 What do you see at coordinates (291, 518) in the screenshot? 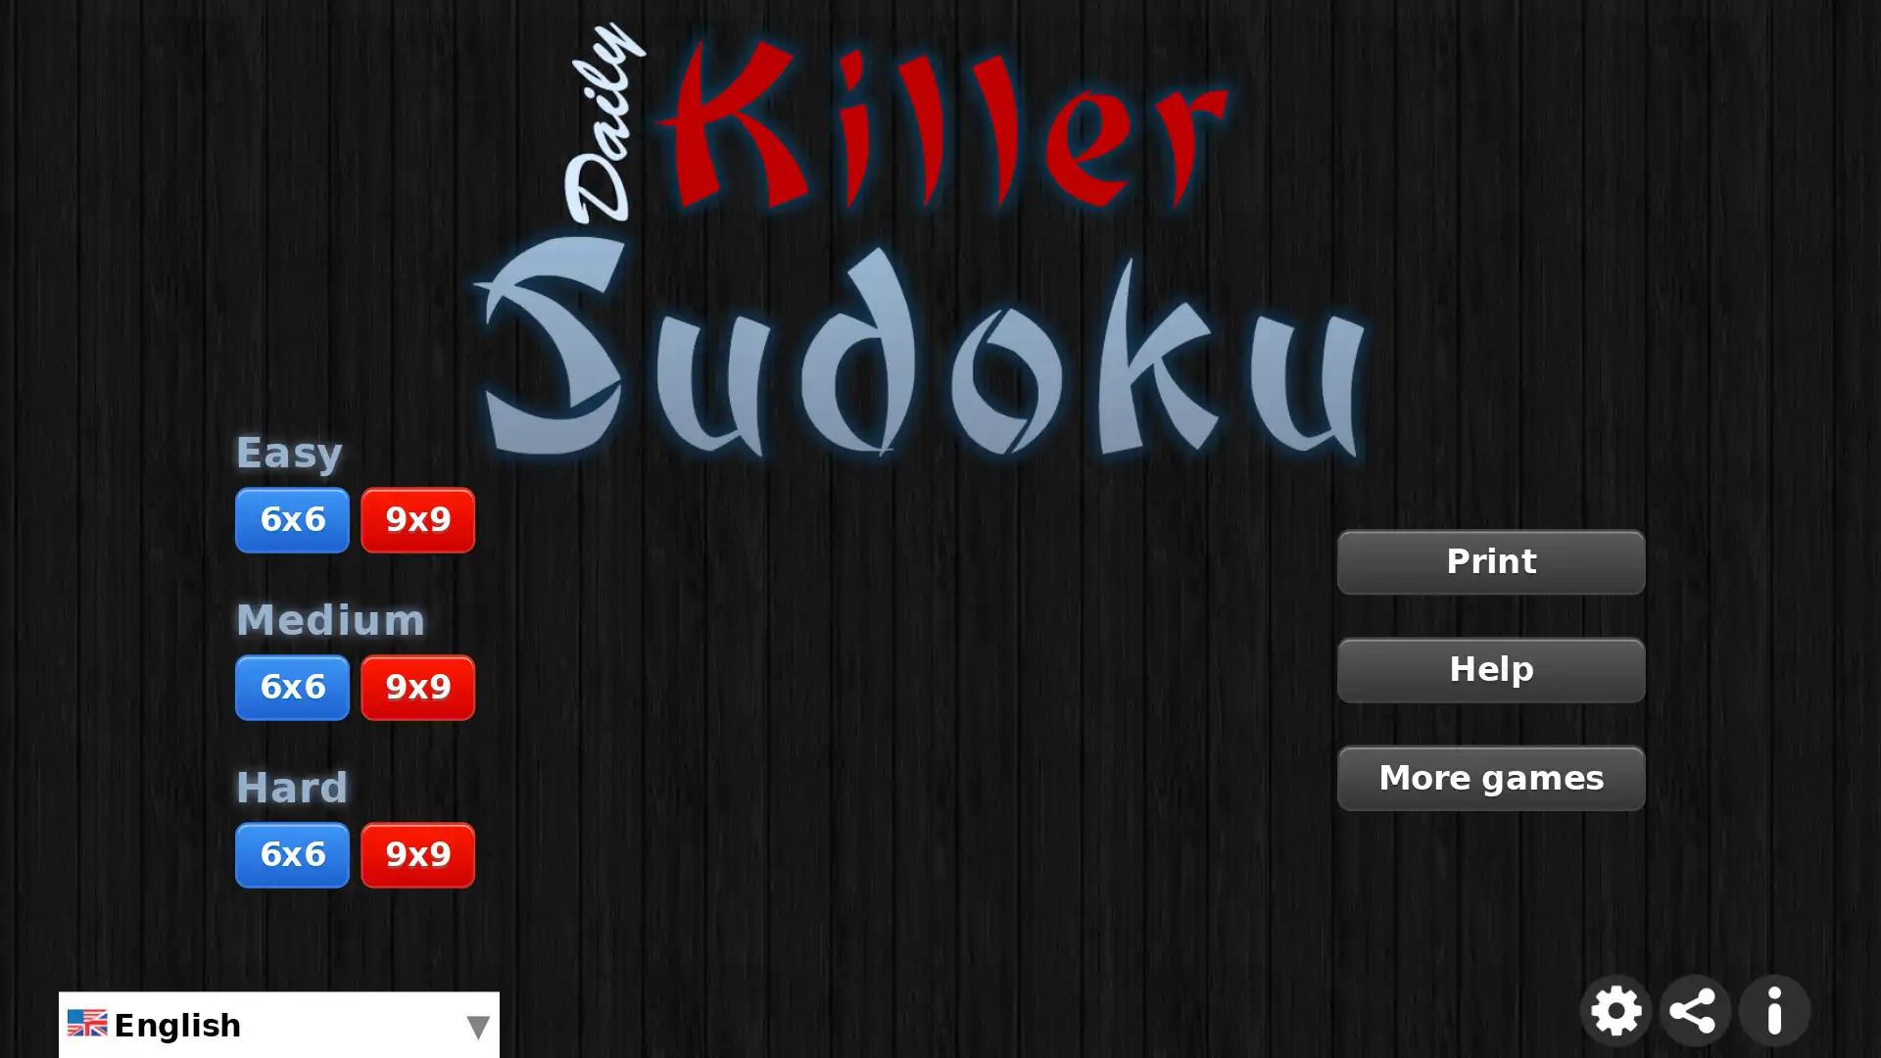
I see `6x6` at bounding box center [291, 518].